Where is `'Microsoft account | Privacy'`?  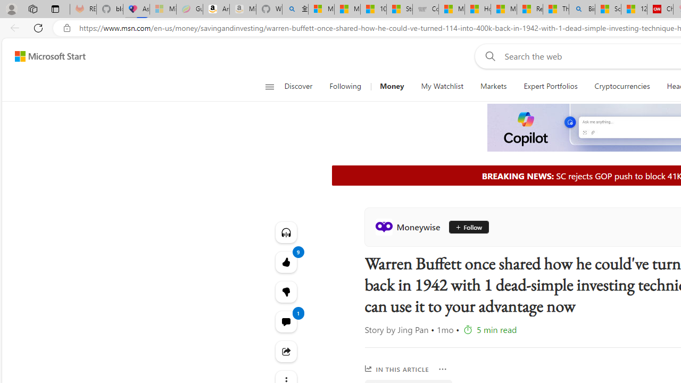 'Microsoft account | Privacy' is located at coordinates (321, 9).